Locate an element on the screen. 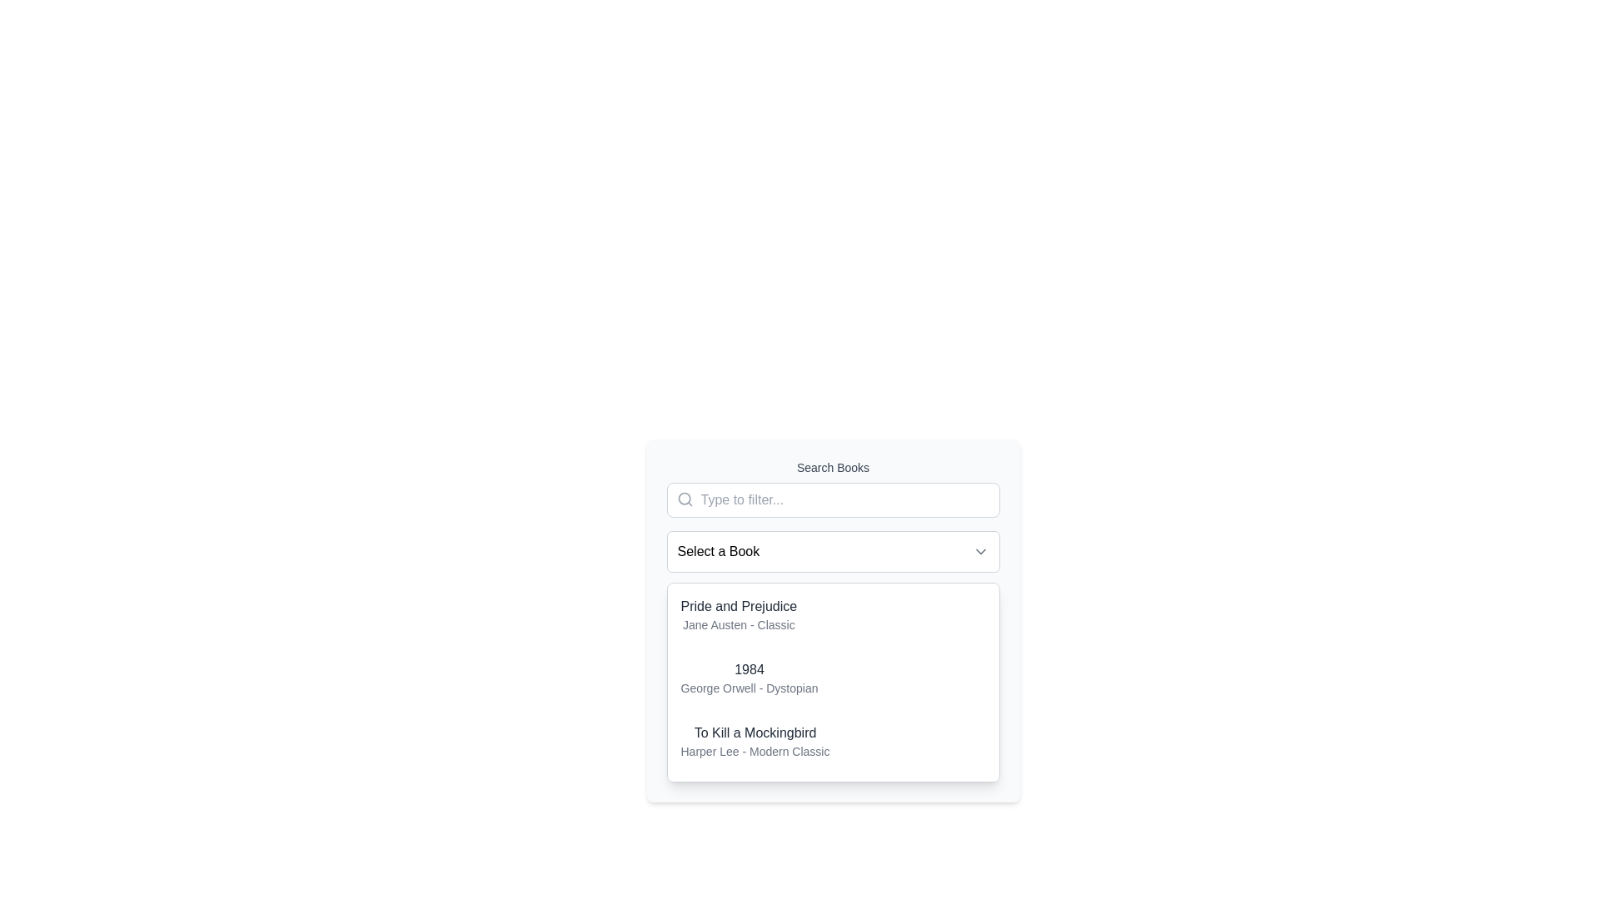  the list item displaying the book title '1984' by George Orwell is located at coordinates (833, 678).